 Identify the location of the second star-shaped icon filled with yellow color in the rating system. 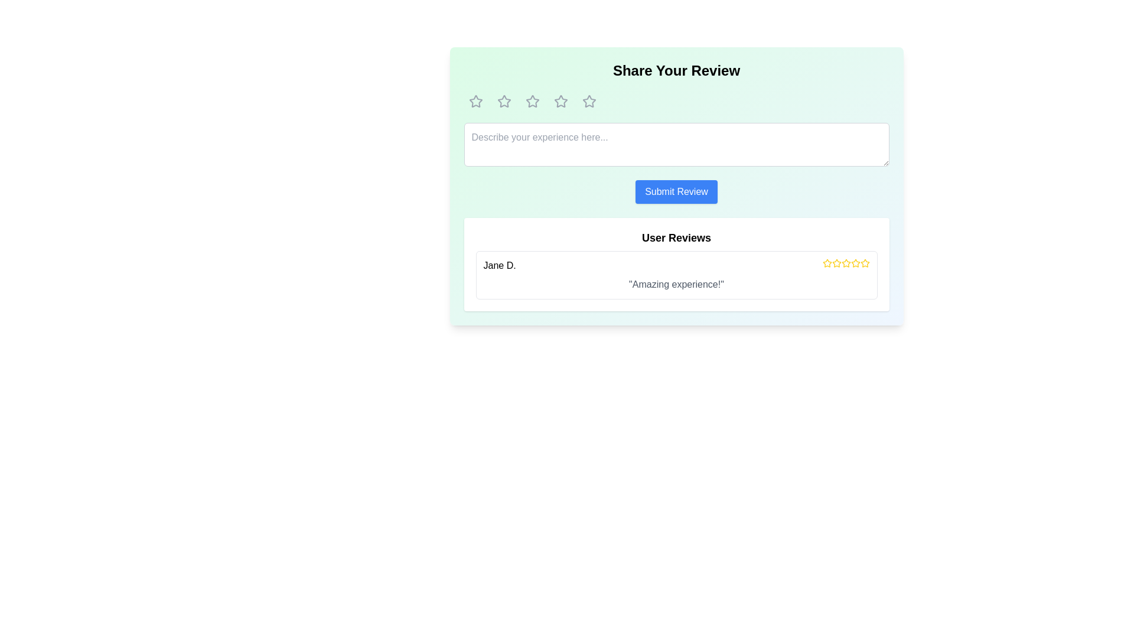
(826, 262).